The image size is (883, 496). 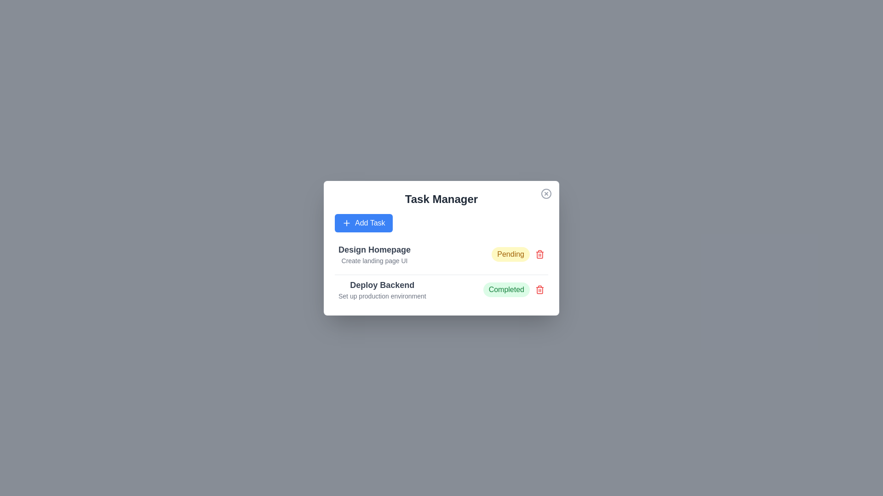 What do you see at coordinates (546, 193) in the screenshot?
I see `the close button located at the top-right corner of the modal window` at bounding box center [546, 193].